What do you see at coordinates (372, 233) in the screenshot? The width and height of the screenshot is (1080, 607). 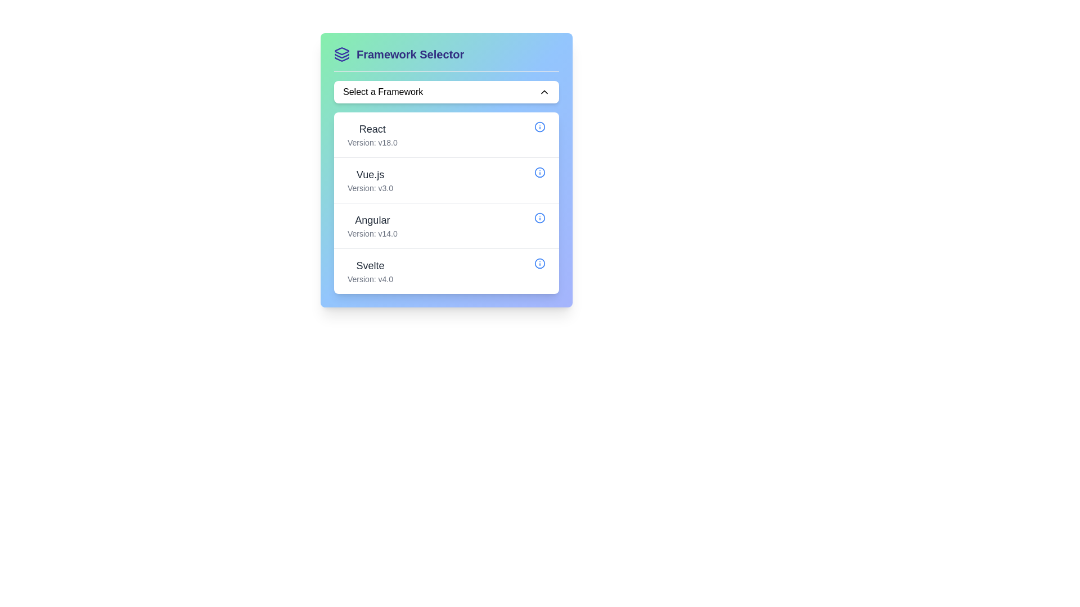 I see `text of the text label displaying 'Version: v14.0' located beneath the 'Angular' label in the card-style UI section` at bounding box center [372, 233].